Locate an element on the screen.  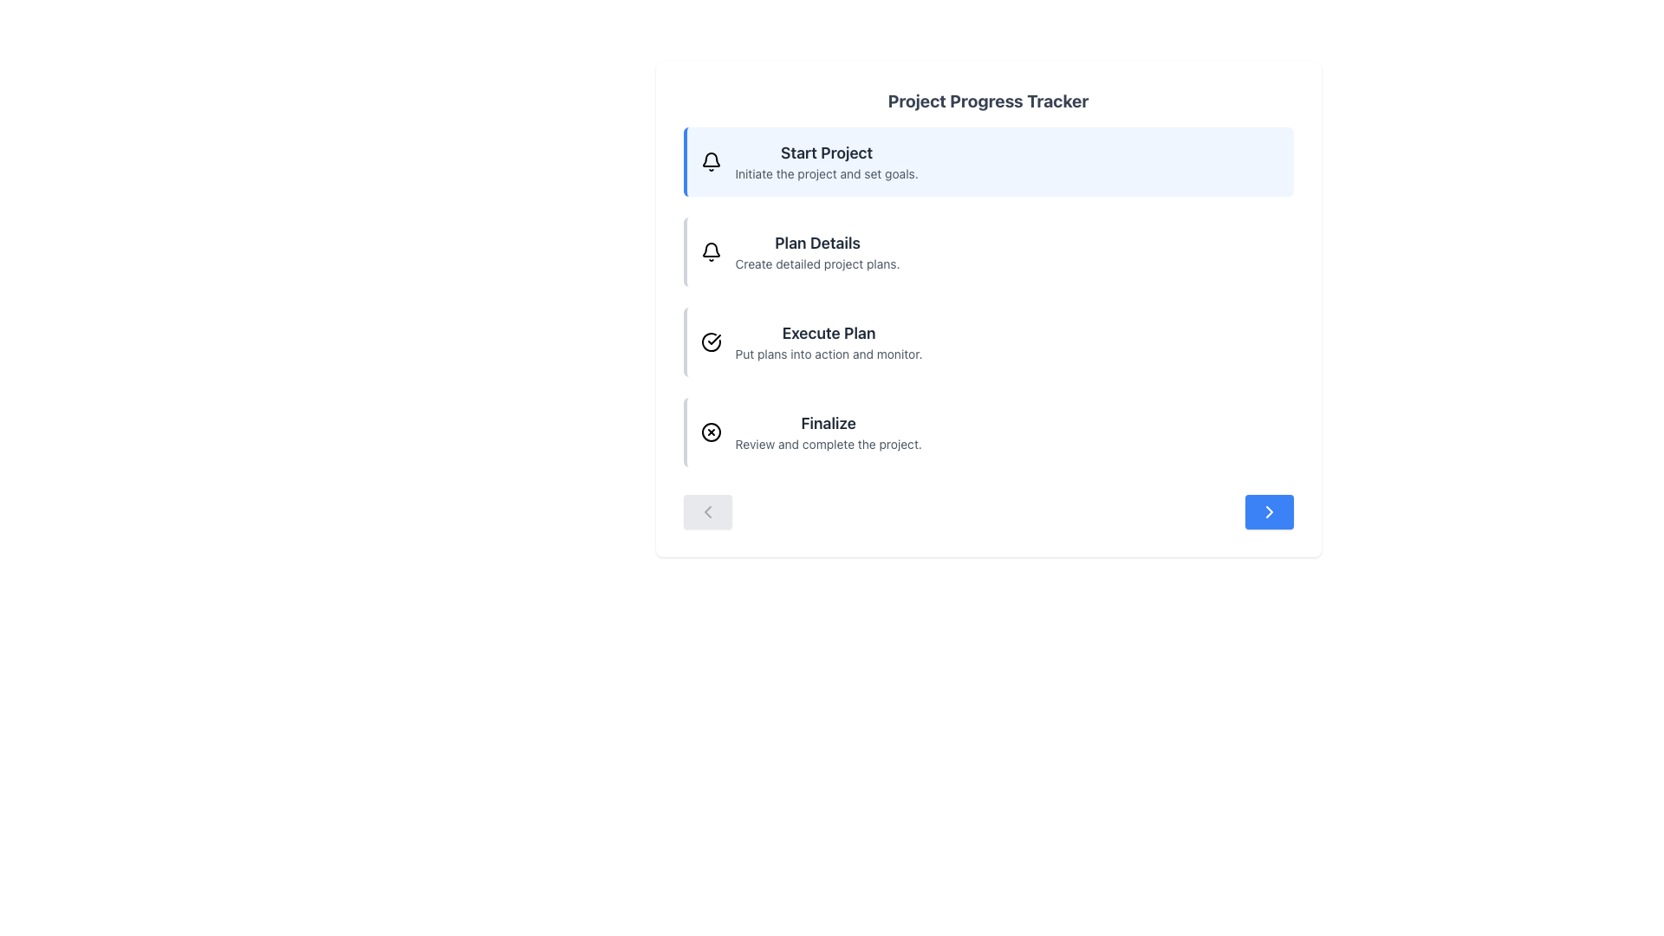
the visual indicator icon representing the completion status for the 'Finalize' step, located to the left of the 'Finalize' text in the fourth row of the list is located at coordinates (711, 431).